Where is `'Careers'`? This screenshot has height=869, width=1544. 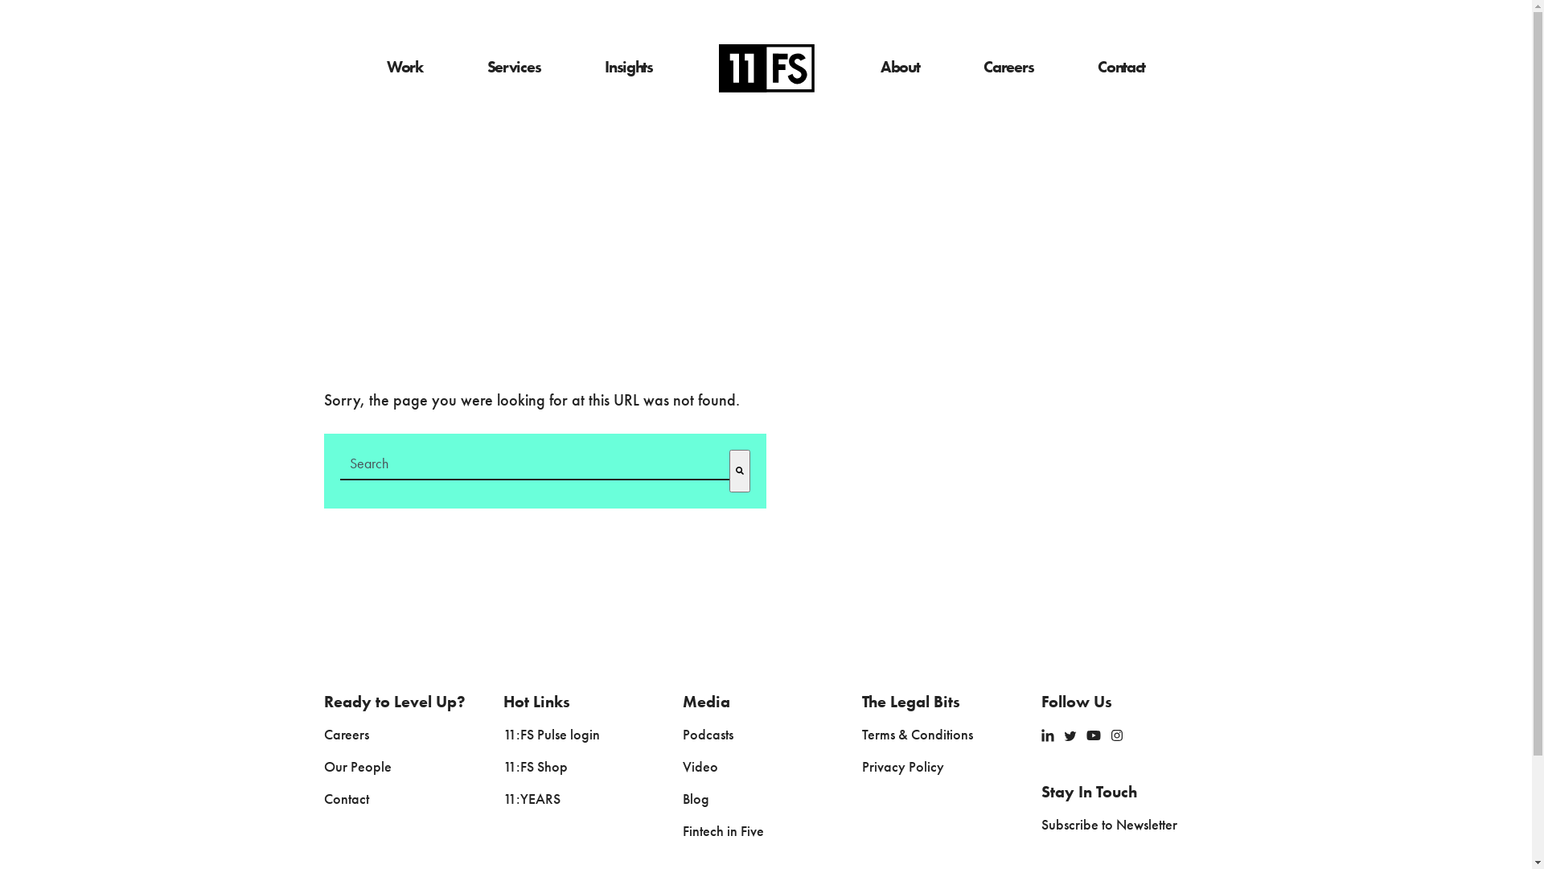 'Careers' is located at coordinates (322, 735).